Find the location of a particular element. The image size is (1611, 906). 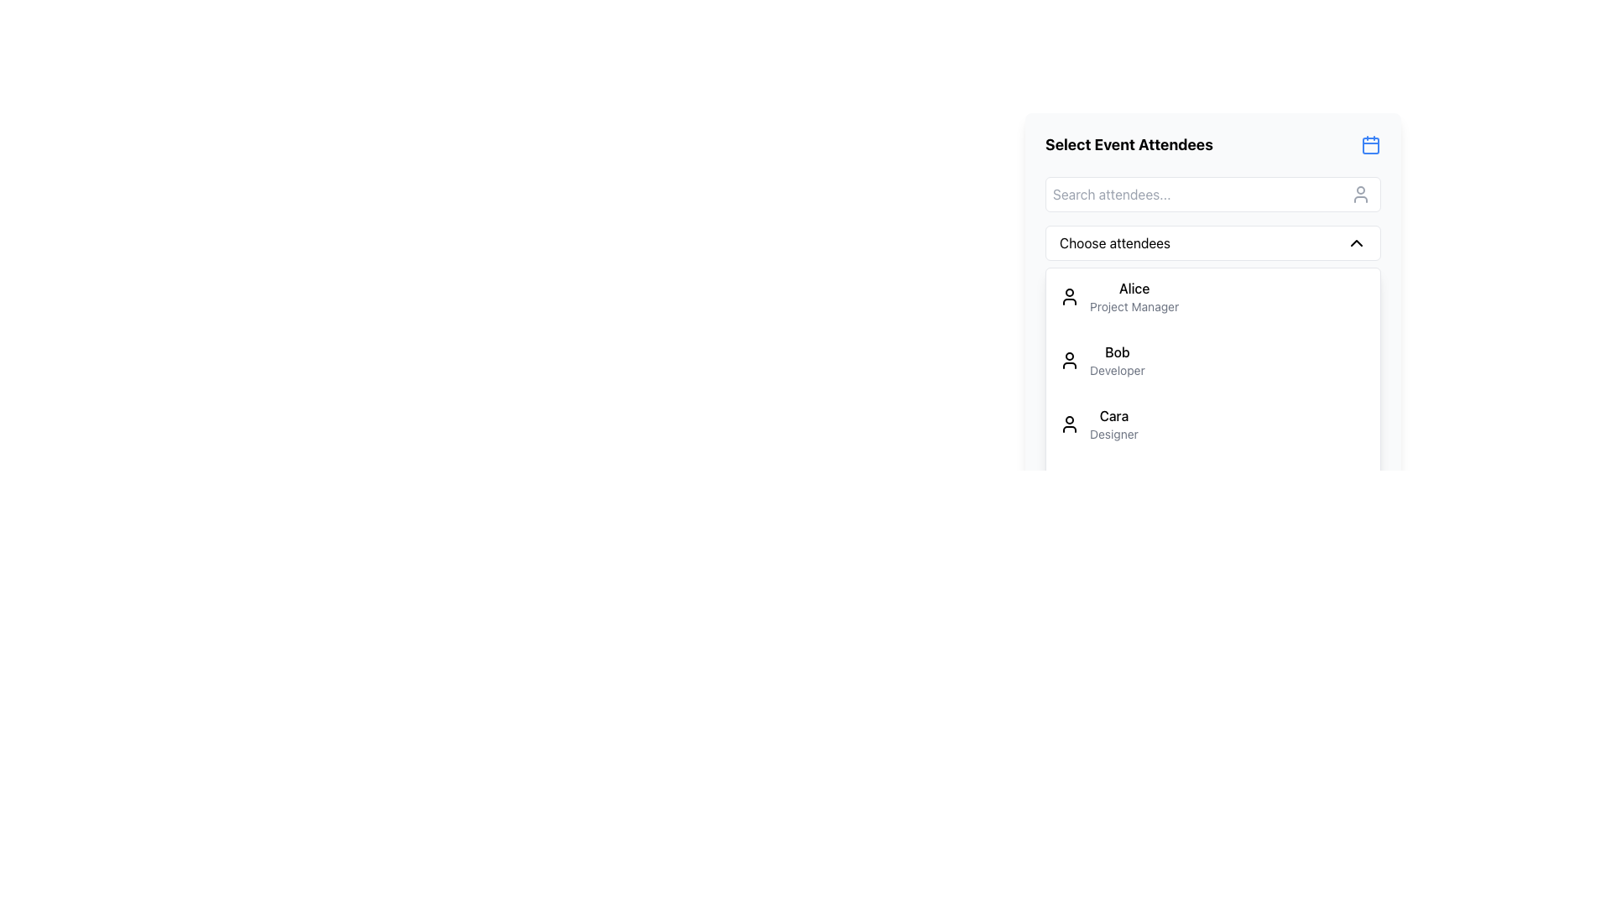

the SVG Rectangle located within the calendar icon at the top-right corner of the 'Select Event Attendees' panel is located at coordinates (1370, 144).